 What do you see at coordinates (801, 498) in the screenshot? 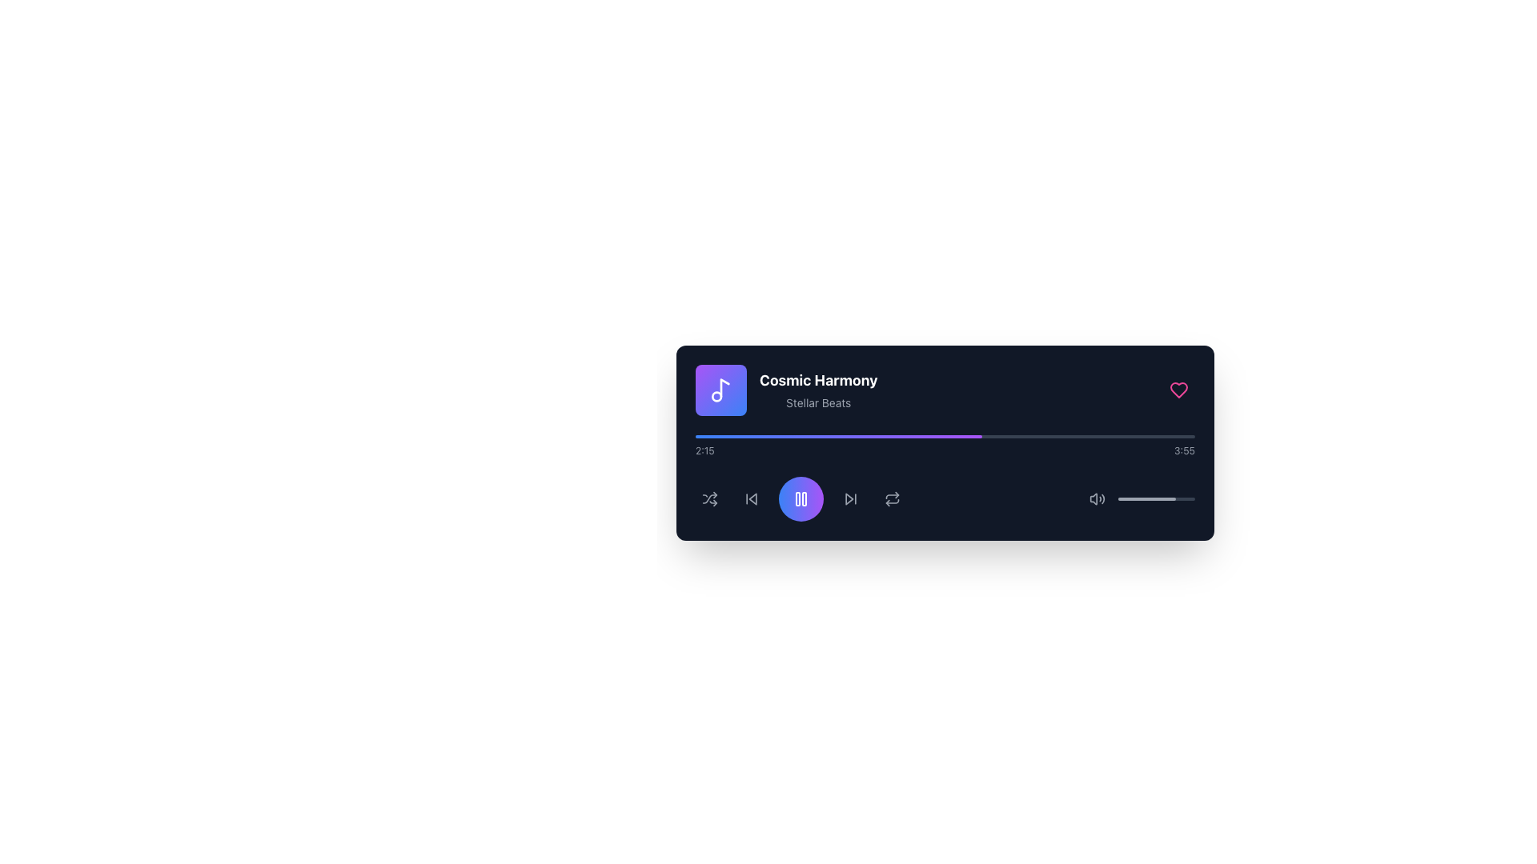
I see `the circular button located at the bottom center of the audio player interface` at bounding box center [801, 498].